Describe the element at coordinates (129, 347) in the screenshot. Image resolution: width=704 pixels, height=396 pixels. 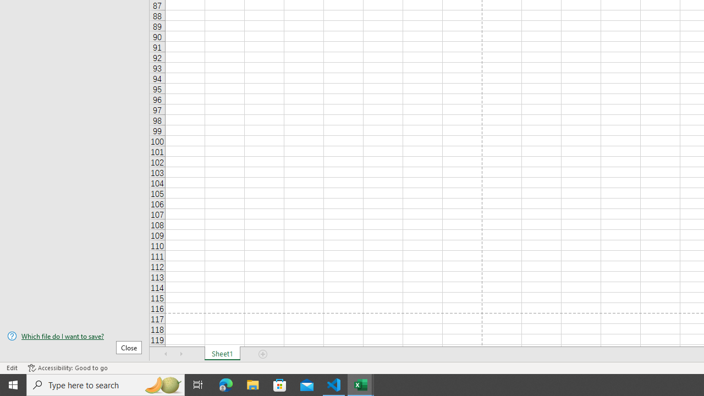
I see `'Close'` at that location.